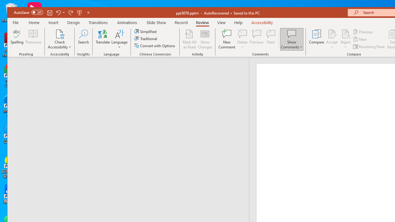 The image size is (395, 222). Describe the element at coordinates (242, 34) in the screenshot. I see `'Delete'` at that location.